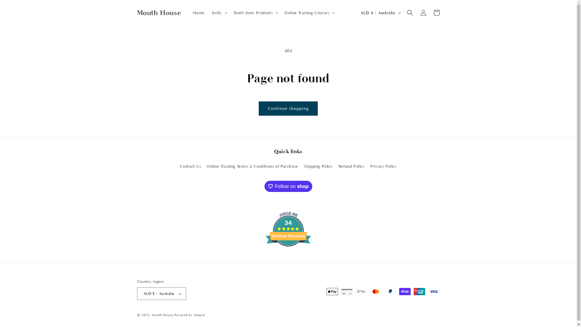  I want to click on 'Continue shopping', so click(288, 108).